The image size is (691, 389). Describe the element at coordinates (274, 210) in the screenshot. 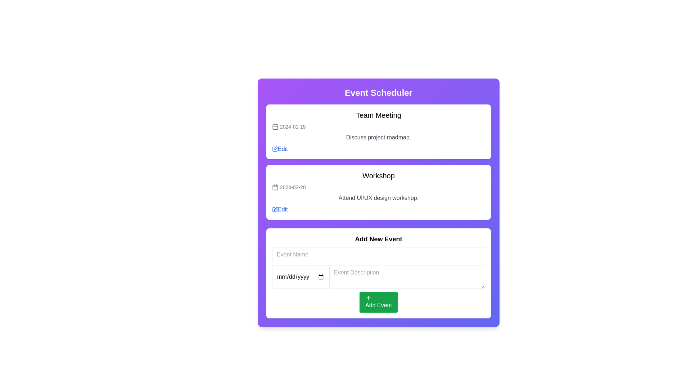

I see `the 'Edit' button icon for the 'Workshop' event, which allows users to modify event details` at that location.